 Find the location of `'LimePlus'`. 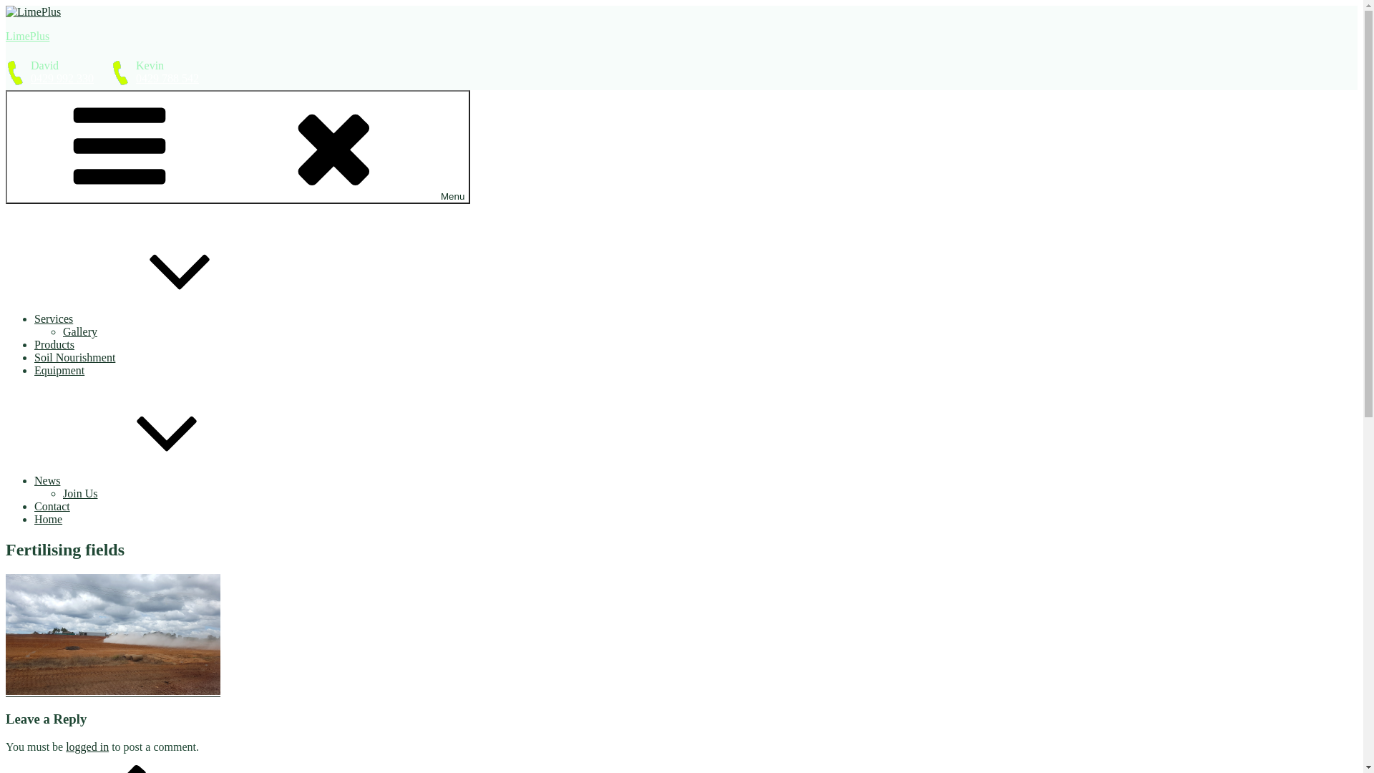

'LimePlus' is located at coordinates (6, 35).